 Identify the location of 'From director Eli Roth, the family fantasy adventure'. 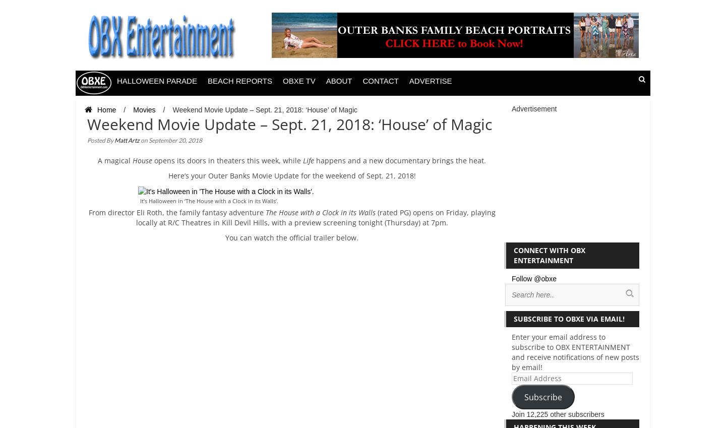
(176, 212).